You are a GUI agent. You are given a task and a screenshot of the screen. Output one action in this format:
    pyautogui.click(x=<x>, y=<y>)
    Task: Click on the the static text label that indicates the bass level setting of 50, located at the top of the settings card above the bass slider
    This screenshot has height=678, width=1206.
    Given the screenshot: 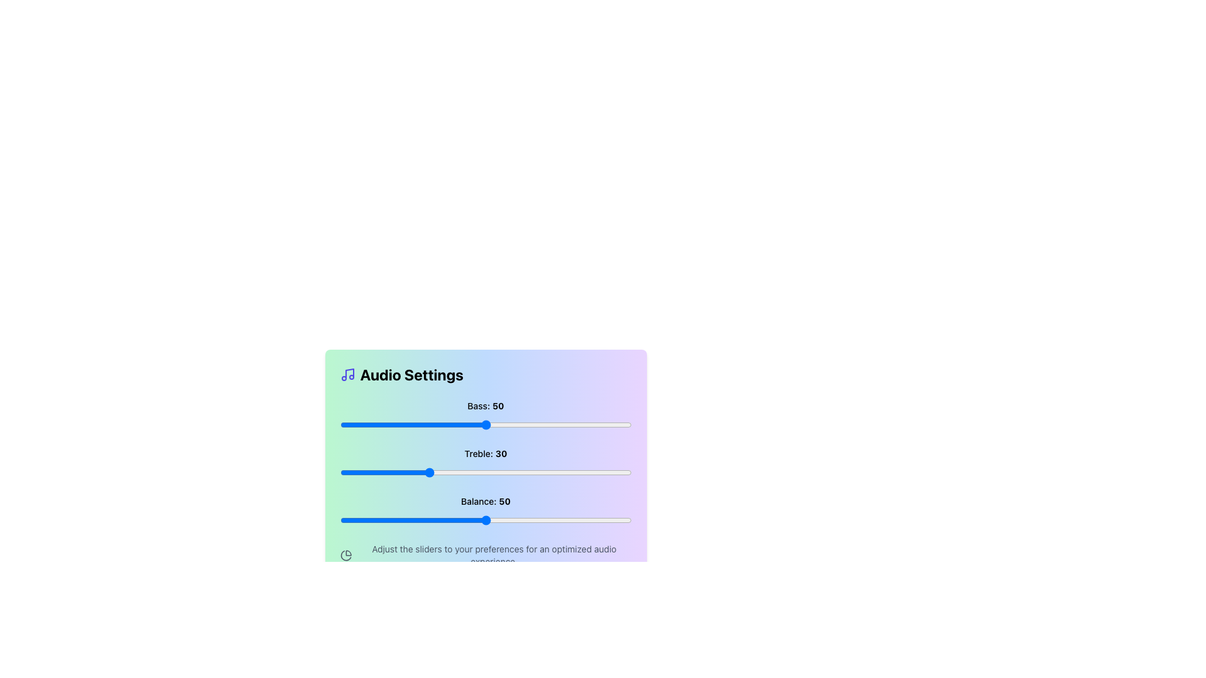 What is the action you would take?
    pyautogui.click(x=485, y=406)
    